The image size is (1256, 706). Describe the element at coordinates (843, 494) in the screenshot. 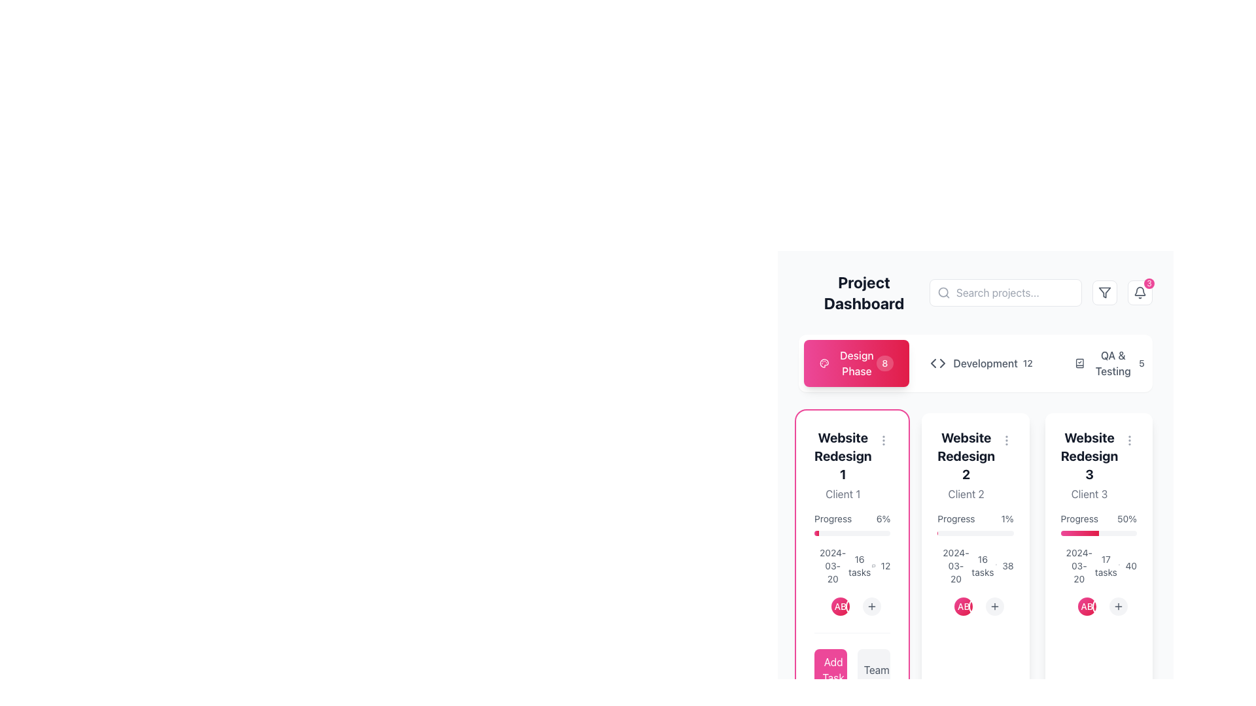

I see `the text label reading 'Client 1', which is styled in gray and positioned below the heading 'Website Redesign 1'` at that location.